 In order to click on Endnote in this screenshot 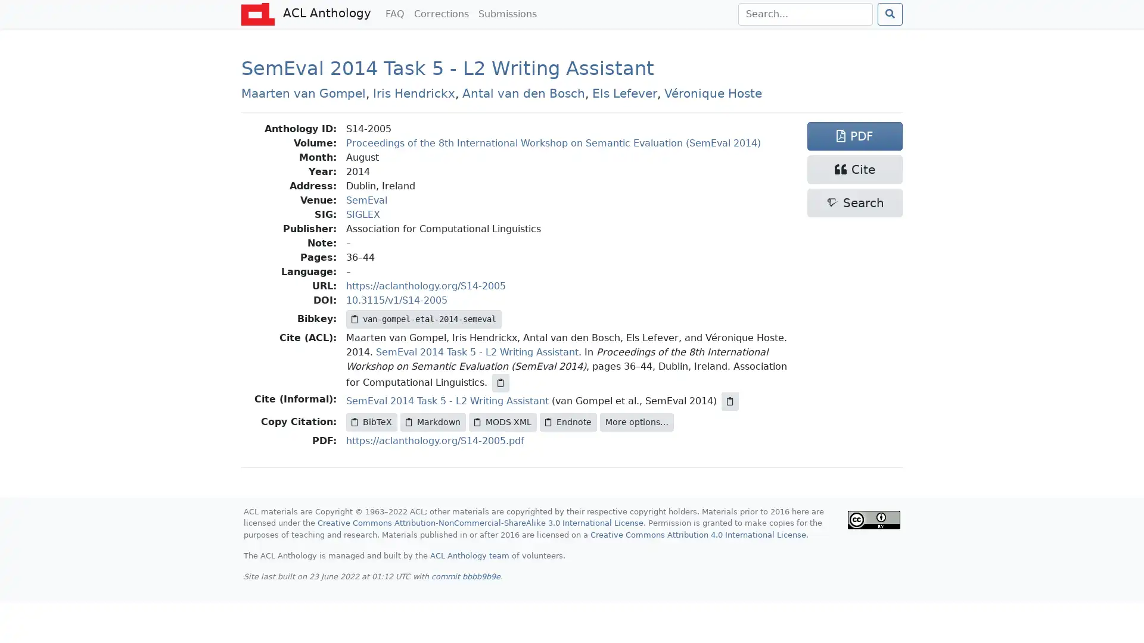, I will do `click(568, 422)`.